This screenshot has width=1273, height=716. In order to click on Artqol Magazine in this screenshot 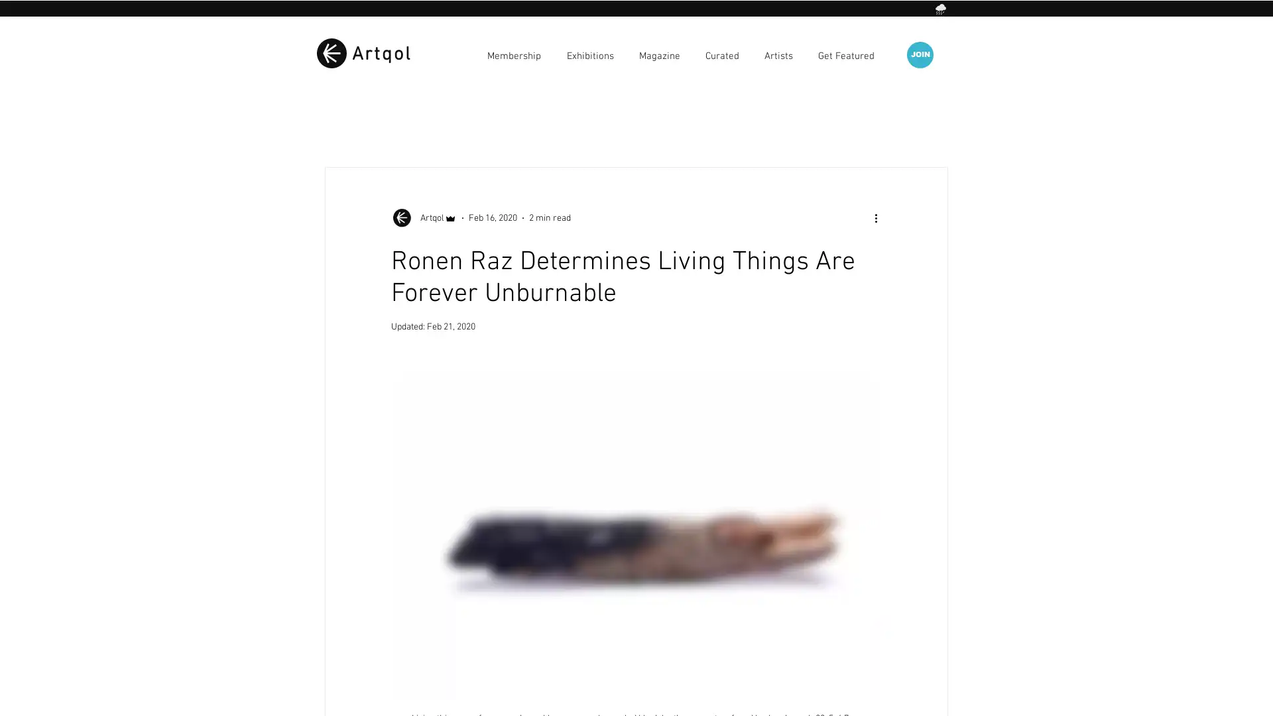, I will do `click(359, 127)`.